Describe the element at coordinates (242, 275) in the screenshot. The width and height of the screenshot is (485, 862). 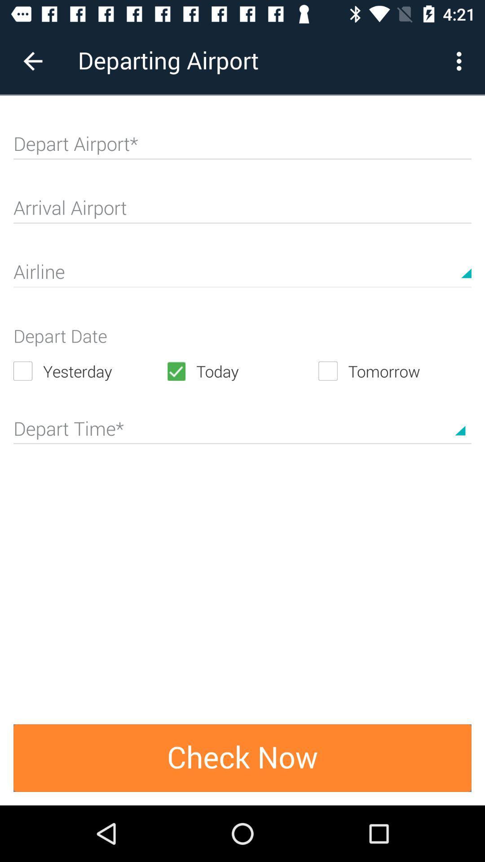
I see `text` at that location.